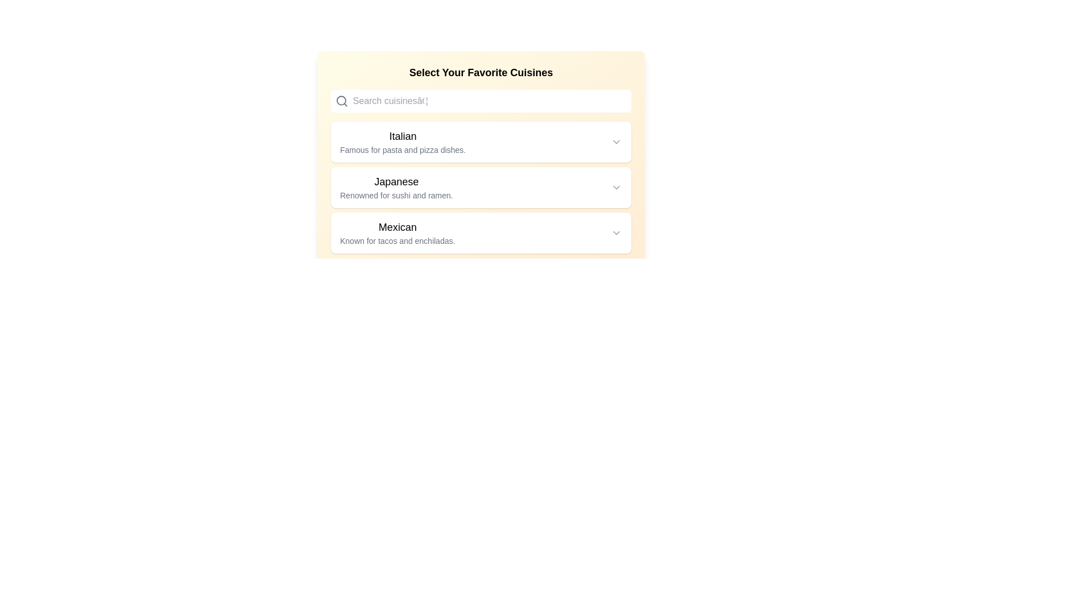  I want to click on the Chevron icon indicating expandability for the 'Japanese' list item, located at the far-right side of the box labeled 'Japanese', so click(616, 187).